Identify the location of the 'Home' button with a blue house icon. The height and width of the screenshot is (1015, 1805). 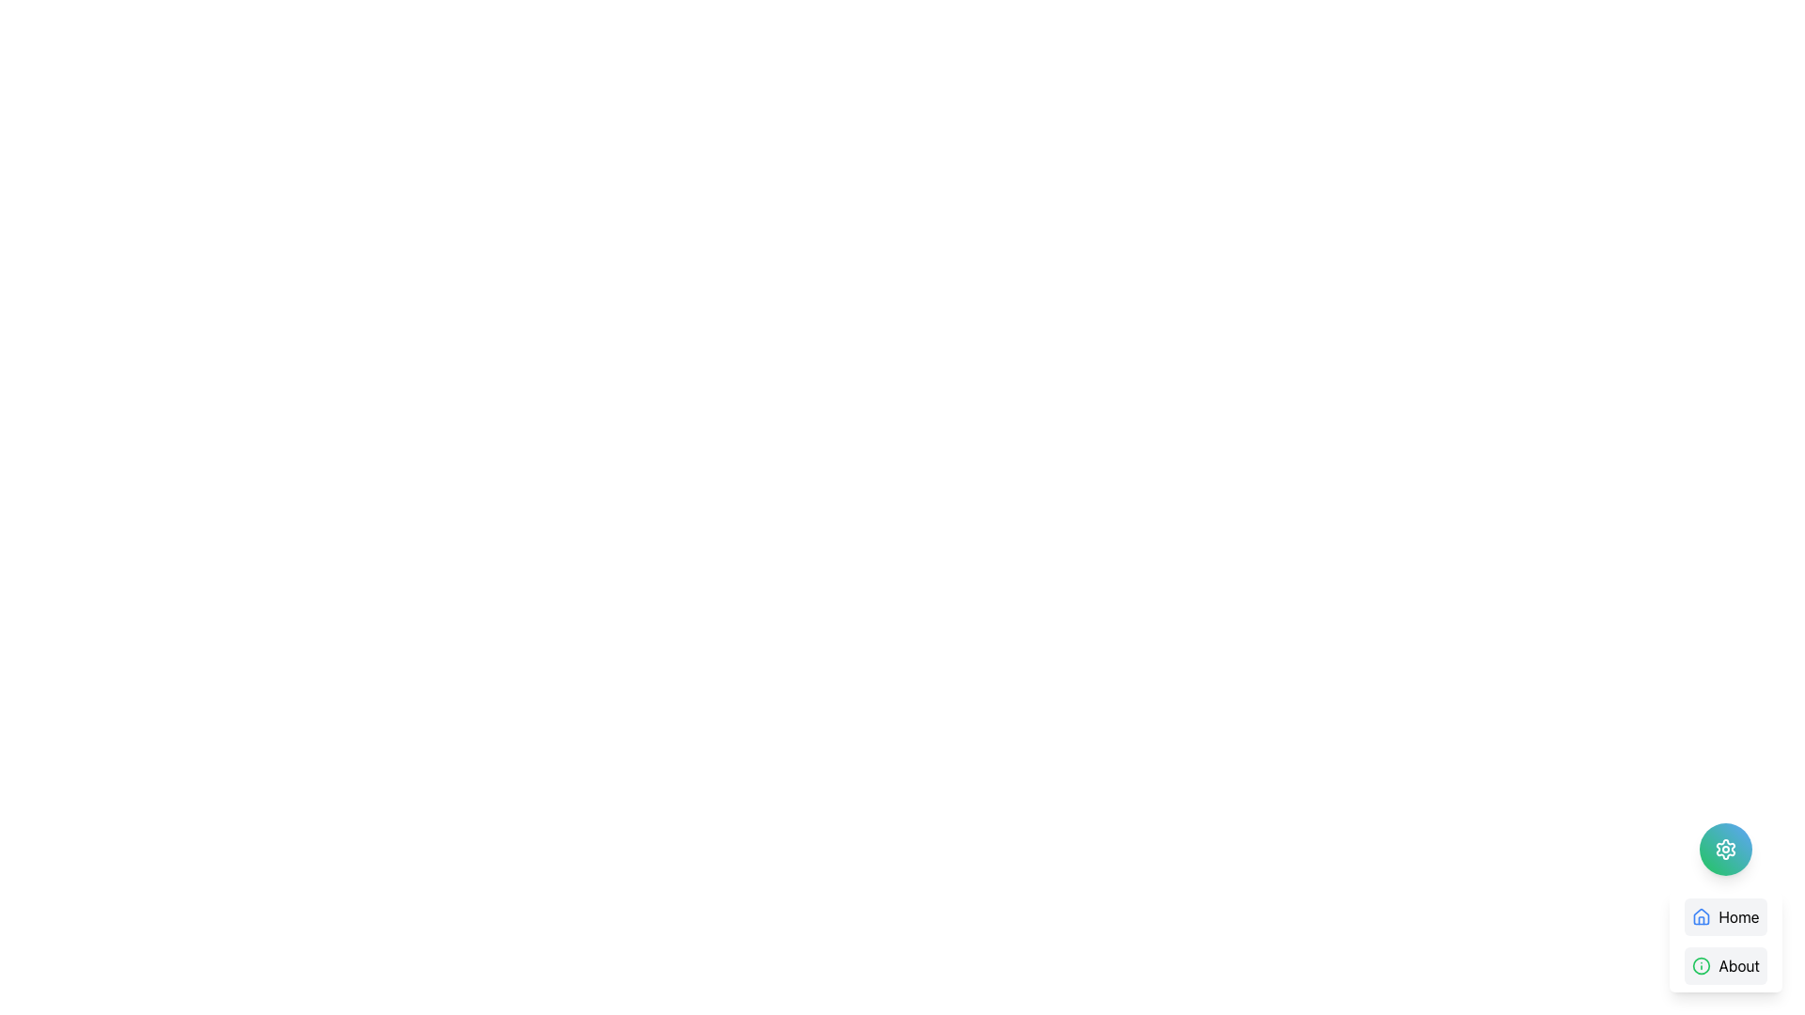
(1726, 915).